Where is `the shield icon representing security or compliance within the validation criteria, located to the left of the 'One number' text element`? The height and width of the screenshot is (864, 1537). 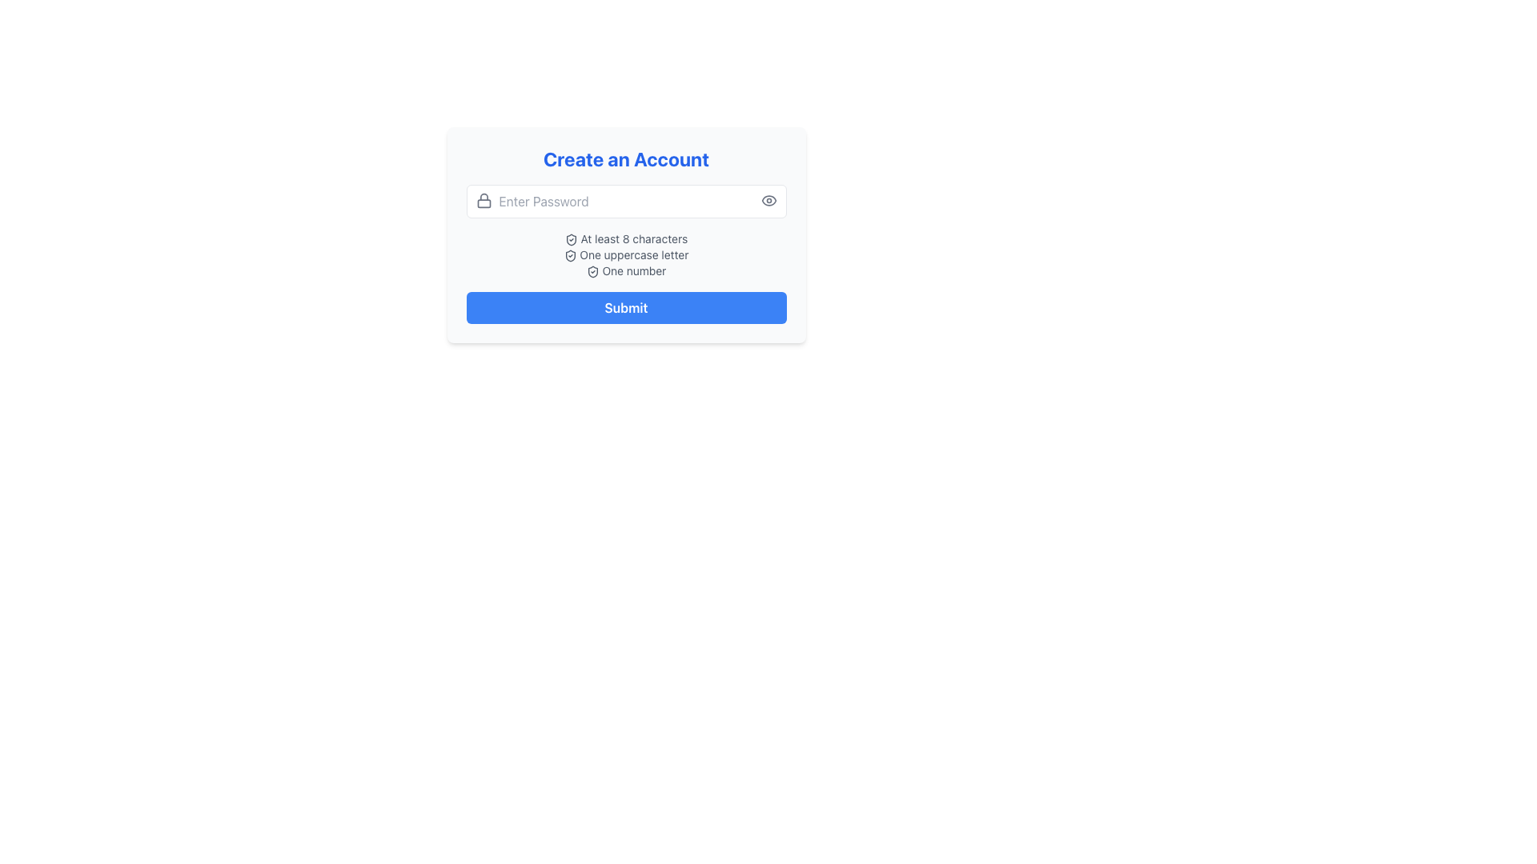
the shield icon representing security or compliance within the validation criteria, located to the left of the 'One number' text element is located at coordinates (592, 271).